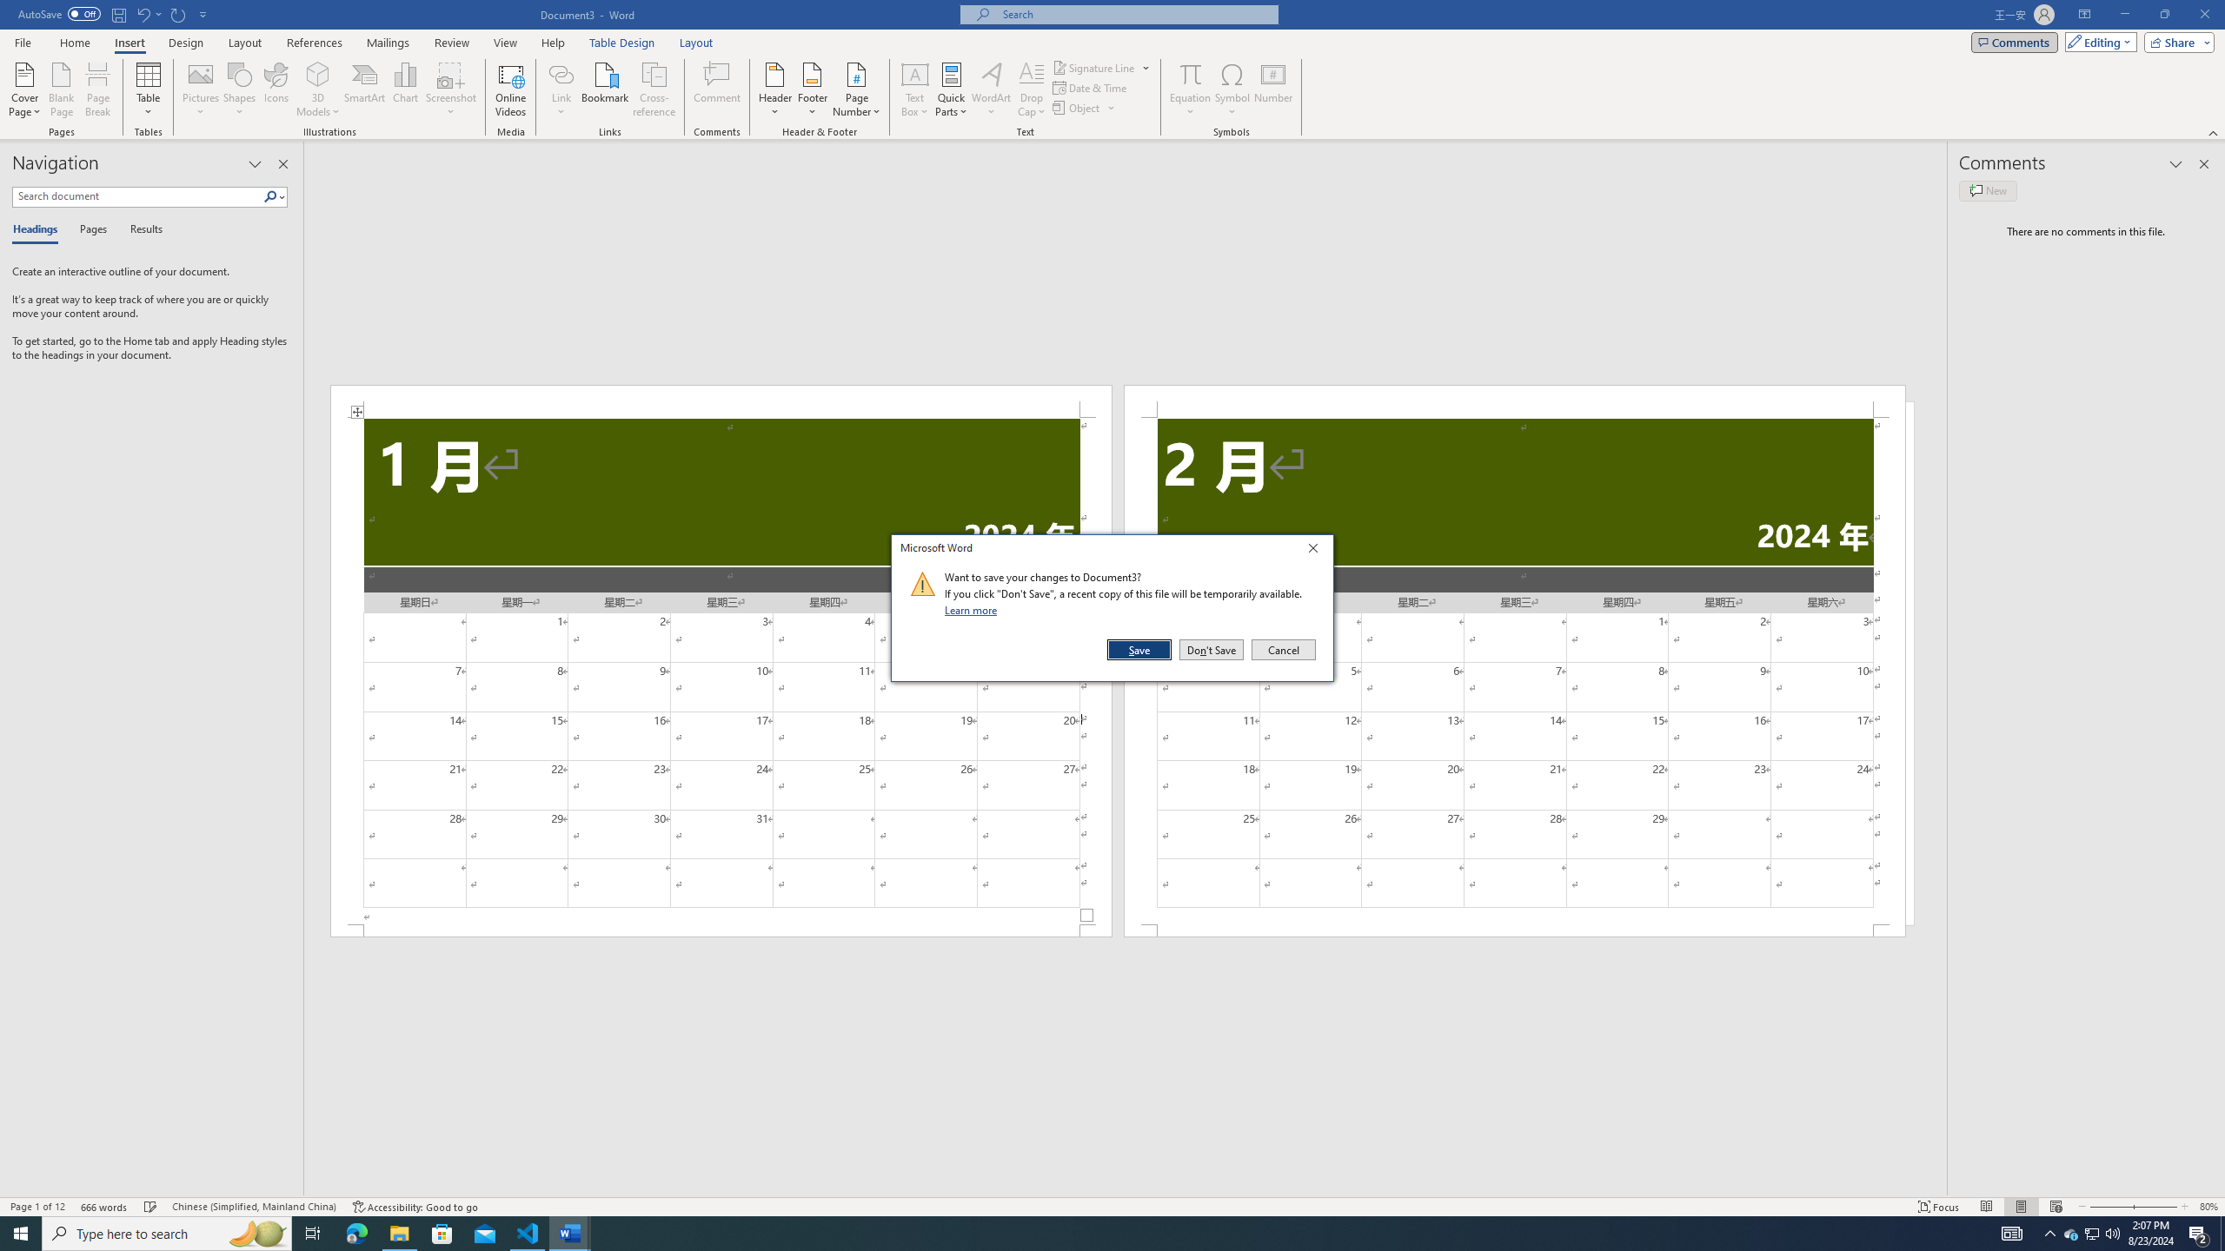  I want to click on 'Link', so click(561, 73).